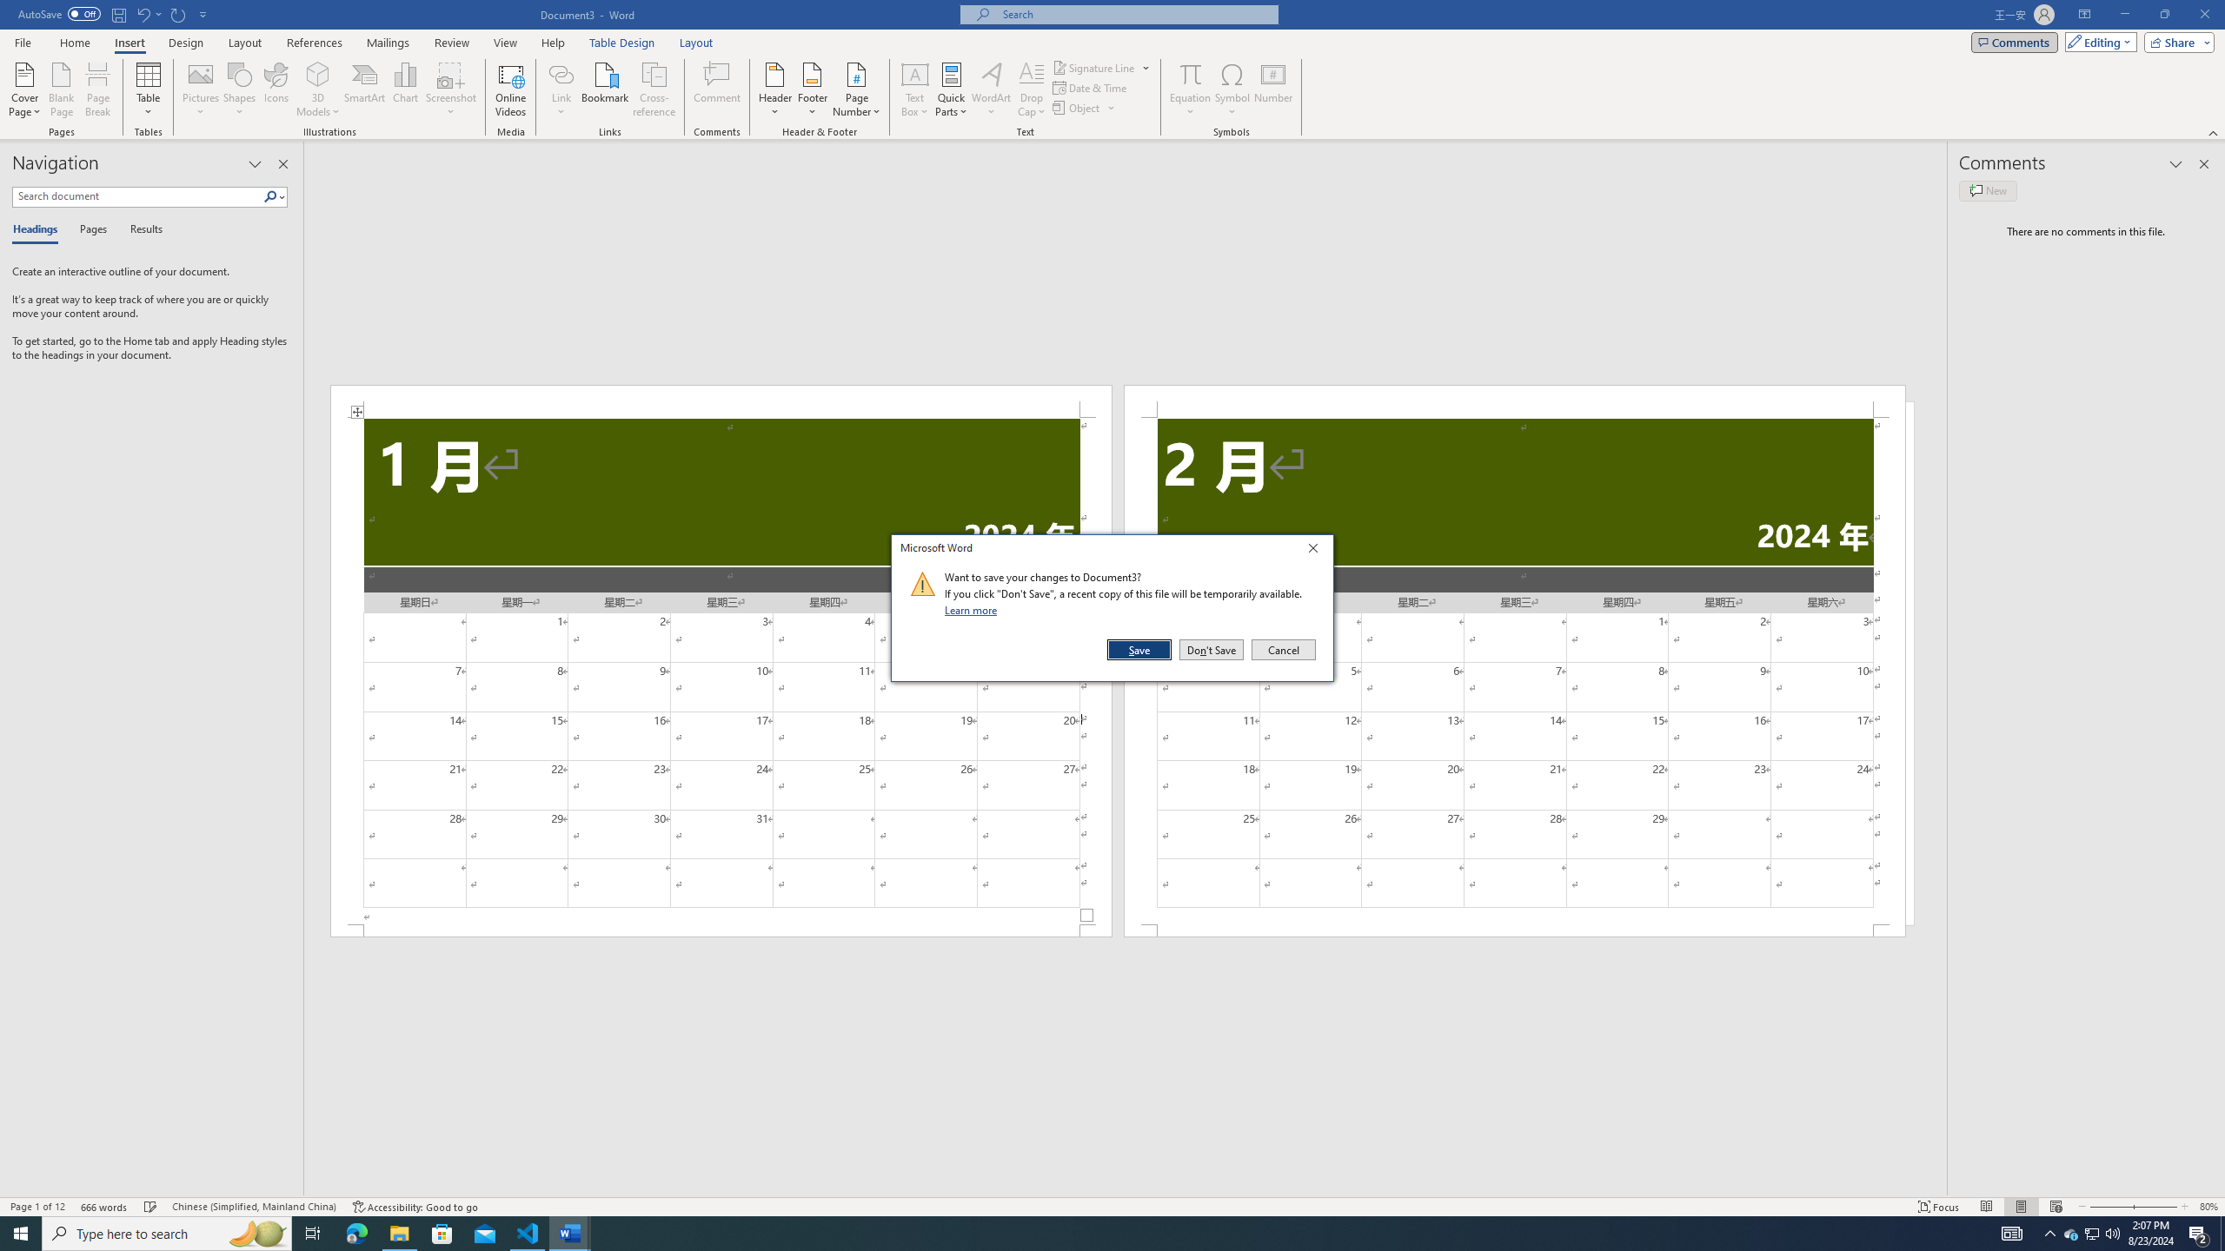  I want to click on 'Link', so click(561, 73).